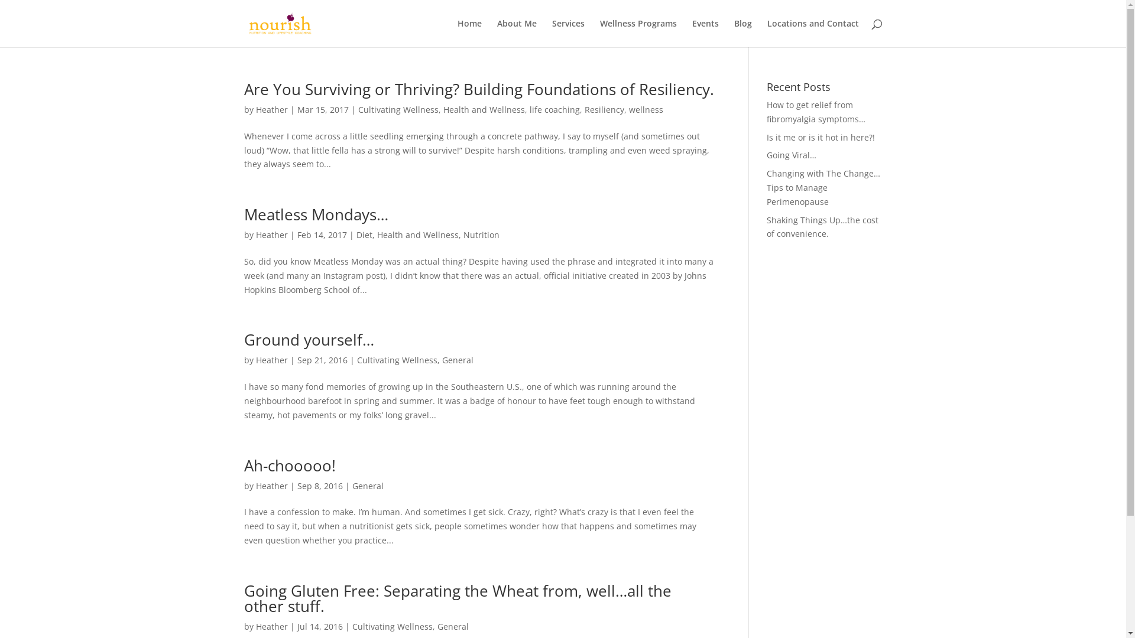 The height and width of the screenshot is (638, 1135). I want to click on 'Locations and Contact', so click(812, 32).